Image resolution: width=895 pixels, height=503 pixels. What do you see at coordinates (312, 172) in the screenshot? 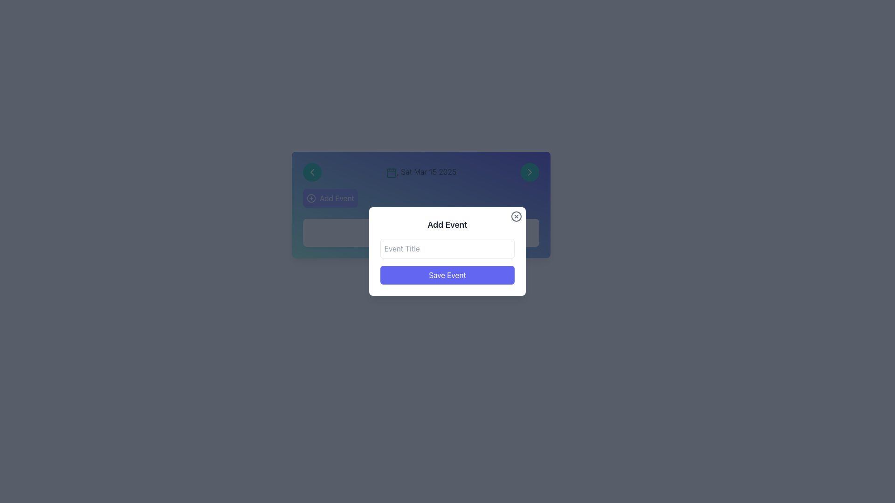
I see `the chevron icon within the circular button located near the top-left area of the card interface` at bounding box center [312, 172].